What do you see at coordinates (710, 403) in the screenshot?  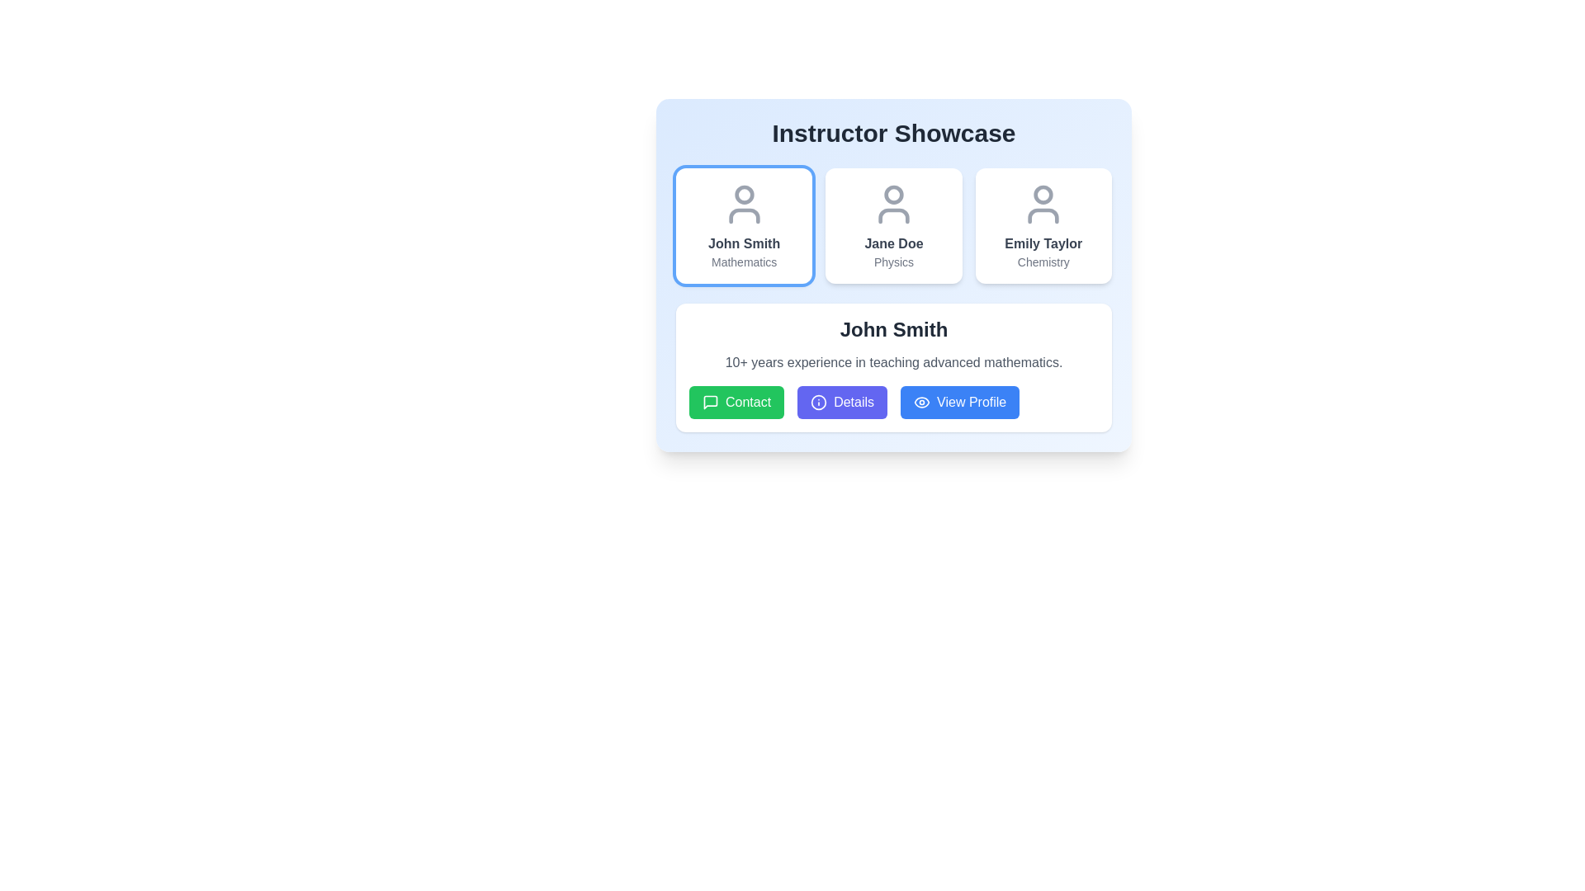 I see `the speech bubble icon on the left side of the green 'Contact' button, which is the first button in a row of three buttons below the profile information for 'John Smith'` at bounding box center [710, 403].